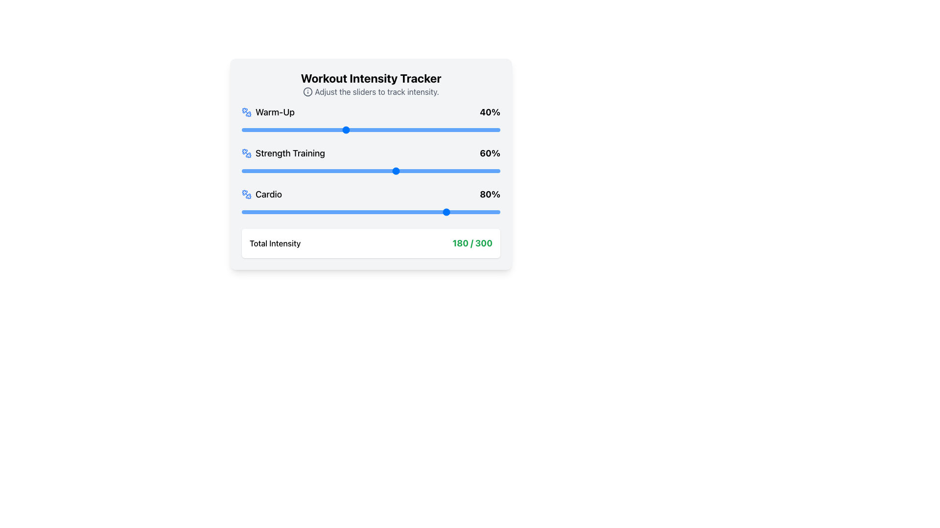 The height and width of the screenshot is (528, 940). I want to click on the strength training intensity, so click(355, 171).